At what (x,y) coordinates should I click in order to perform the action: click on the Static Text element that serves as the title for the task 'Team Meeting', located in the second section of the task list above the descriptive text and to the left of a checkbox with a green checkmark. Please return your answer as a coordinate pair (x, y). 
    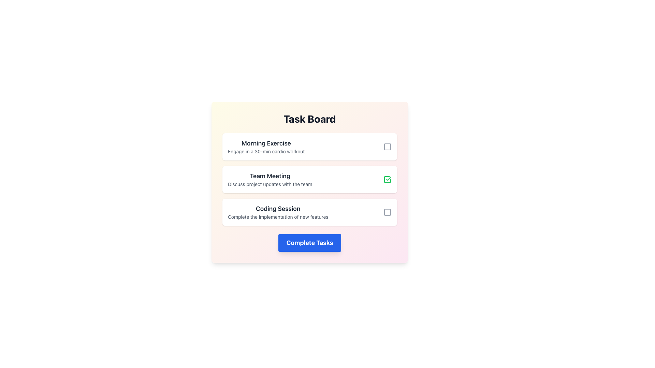
    Looking at the image, I should click on (270, 175).